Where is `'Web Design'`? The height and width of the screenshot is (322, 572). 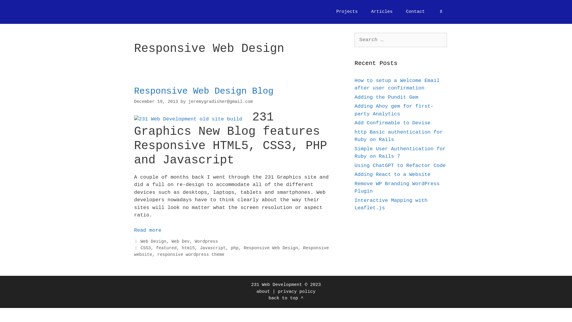 'Web Design' is located at coordinates (153, 241).